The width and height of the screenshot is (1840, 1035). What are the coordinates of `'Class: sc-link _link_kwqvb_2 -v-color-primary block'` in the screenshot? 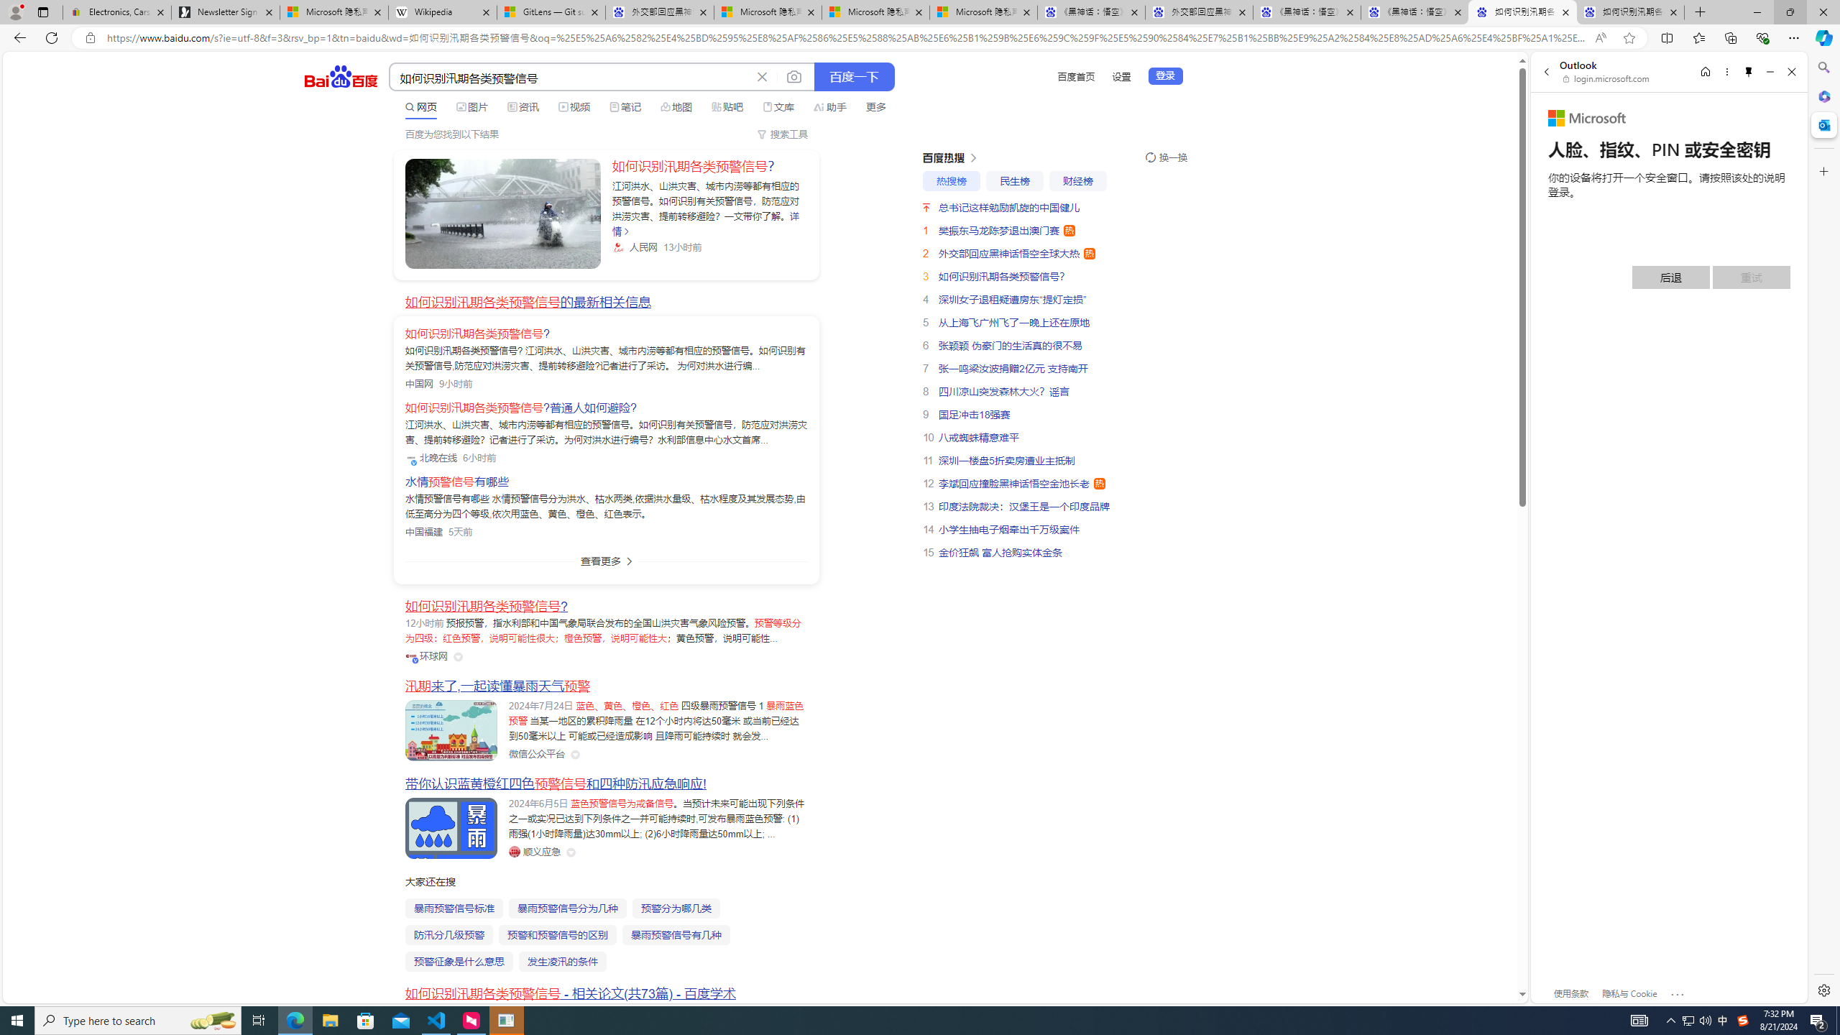 It's located at (503, 213).